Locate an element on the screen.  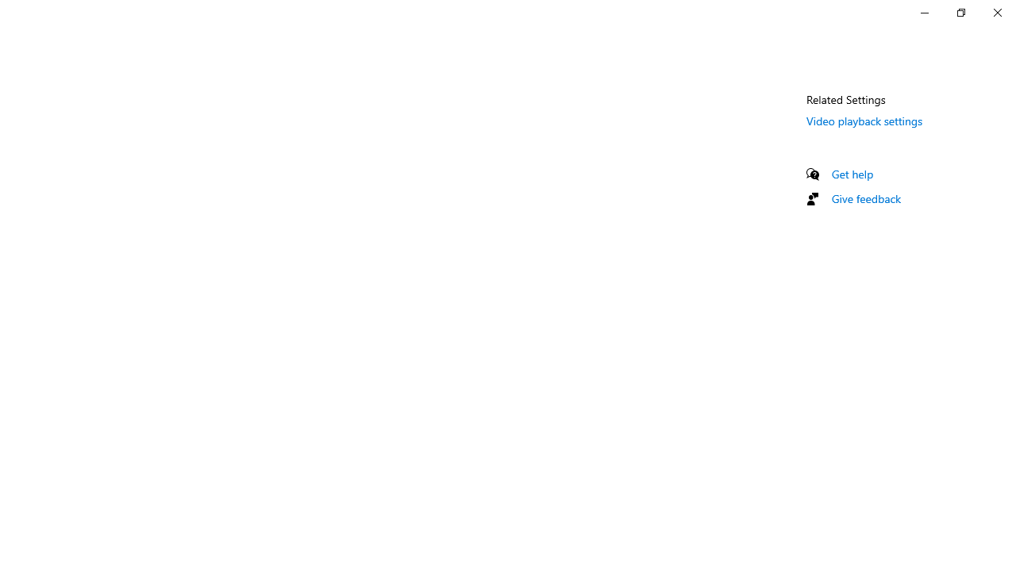
'Give feedback' is located at coordinates (865, 197).